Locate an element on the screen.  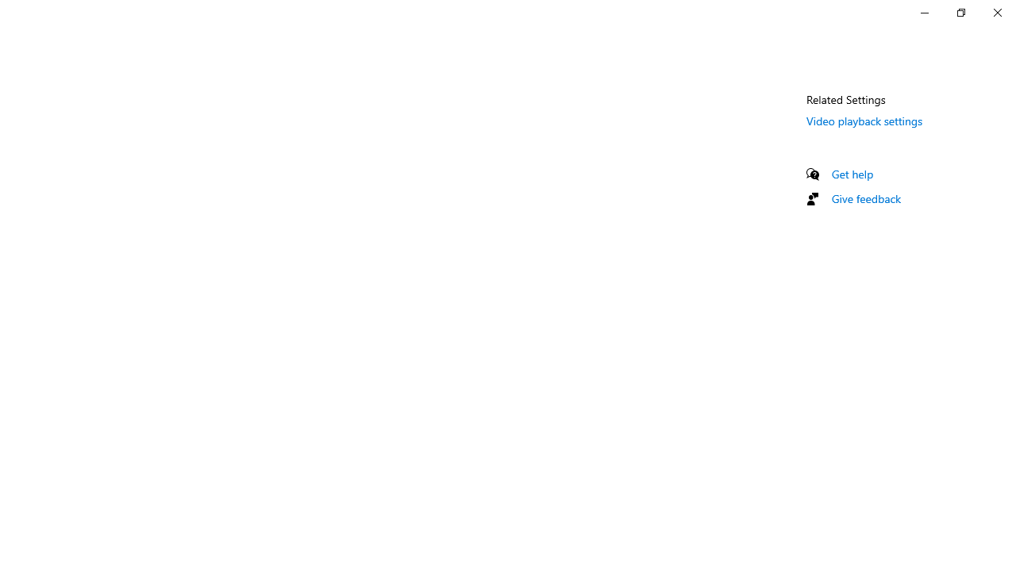
'Give feedback' is located at coordinates (865, 197).